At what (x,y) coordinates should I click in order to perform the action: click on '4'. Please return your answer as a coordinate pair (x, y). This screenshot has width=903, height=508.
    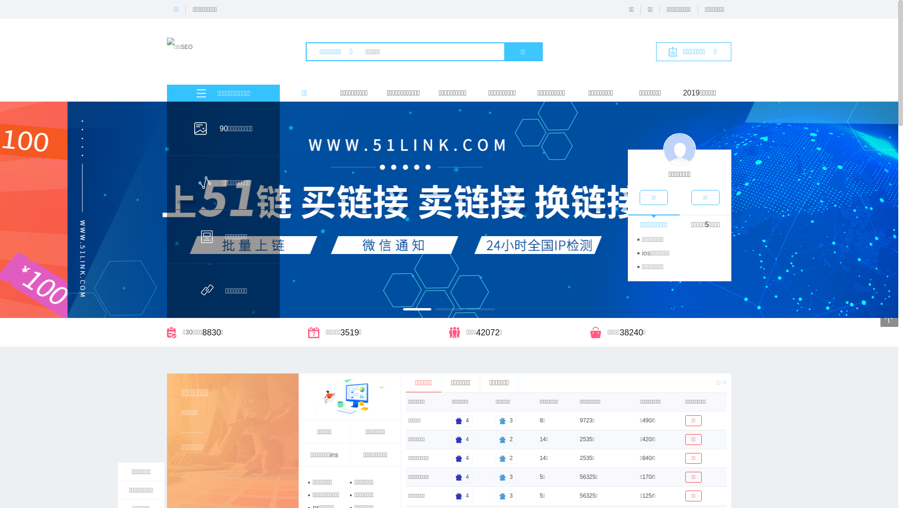
    Looking at the image, I should click on (462, 420).